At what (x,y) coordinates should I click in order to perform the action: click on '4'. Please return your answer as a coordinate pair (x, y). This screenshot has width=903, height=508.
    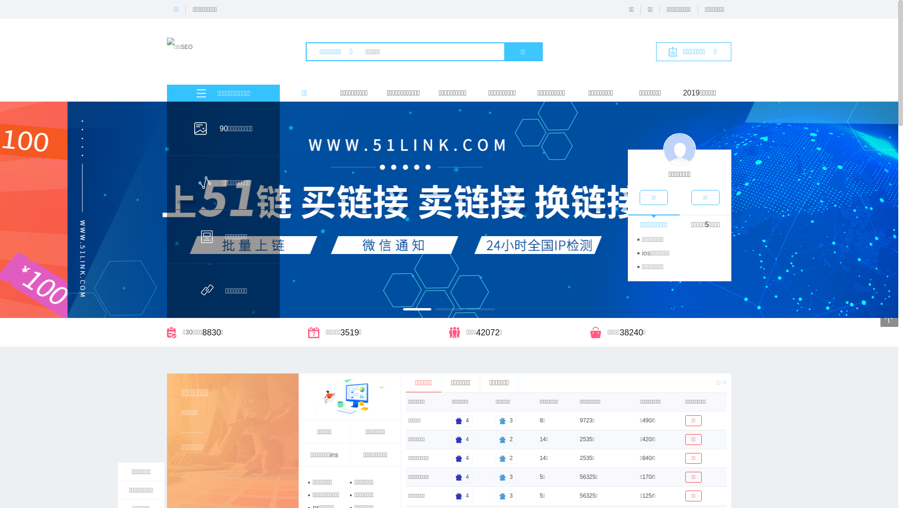
    Looking at the image, I should click on (462, 420).